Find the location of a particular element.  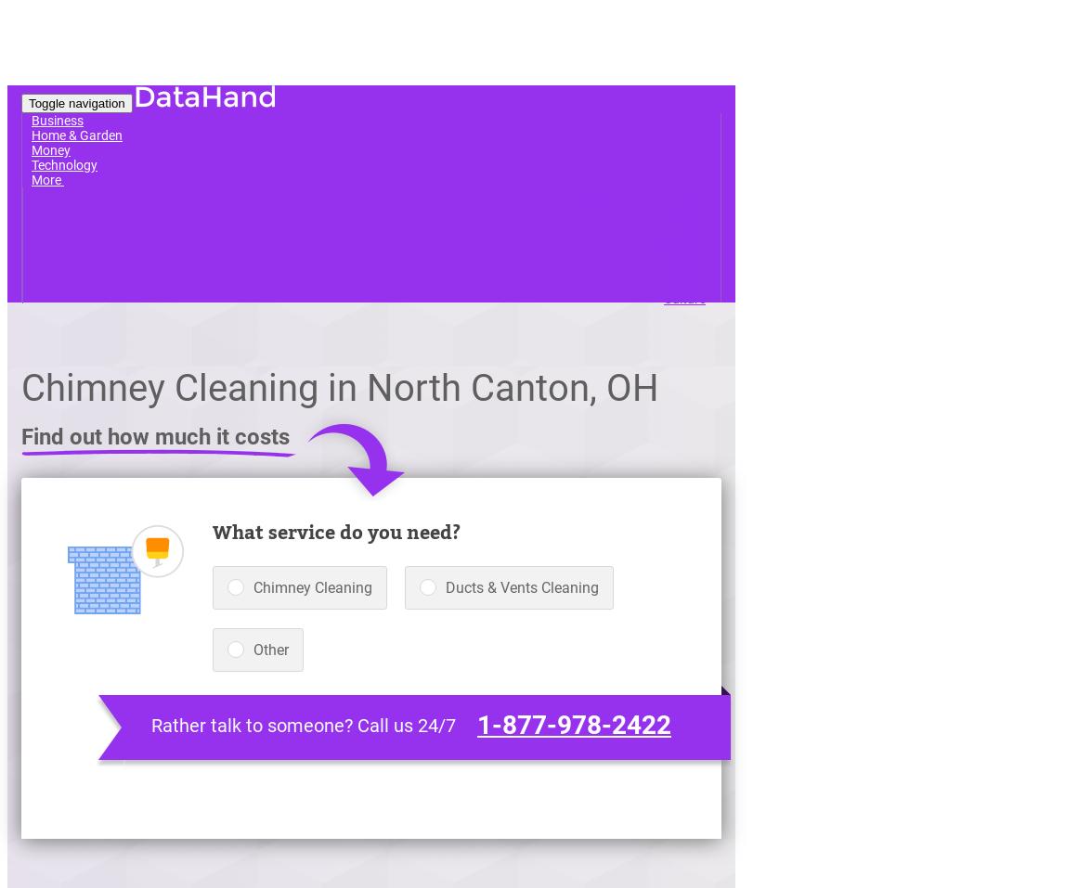

'Chimney Cleaning' is located at coordinates (312, 586).